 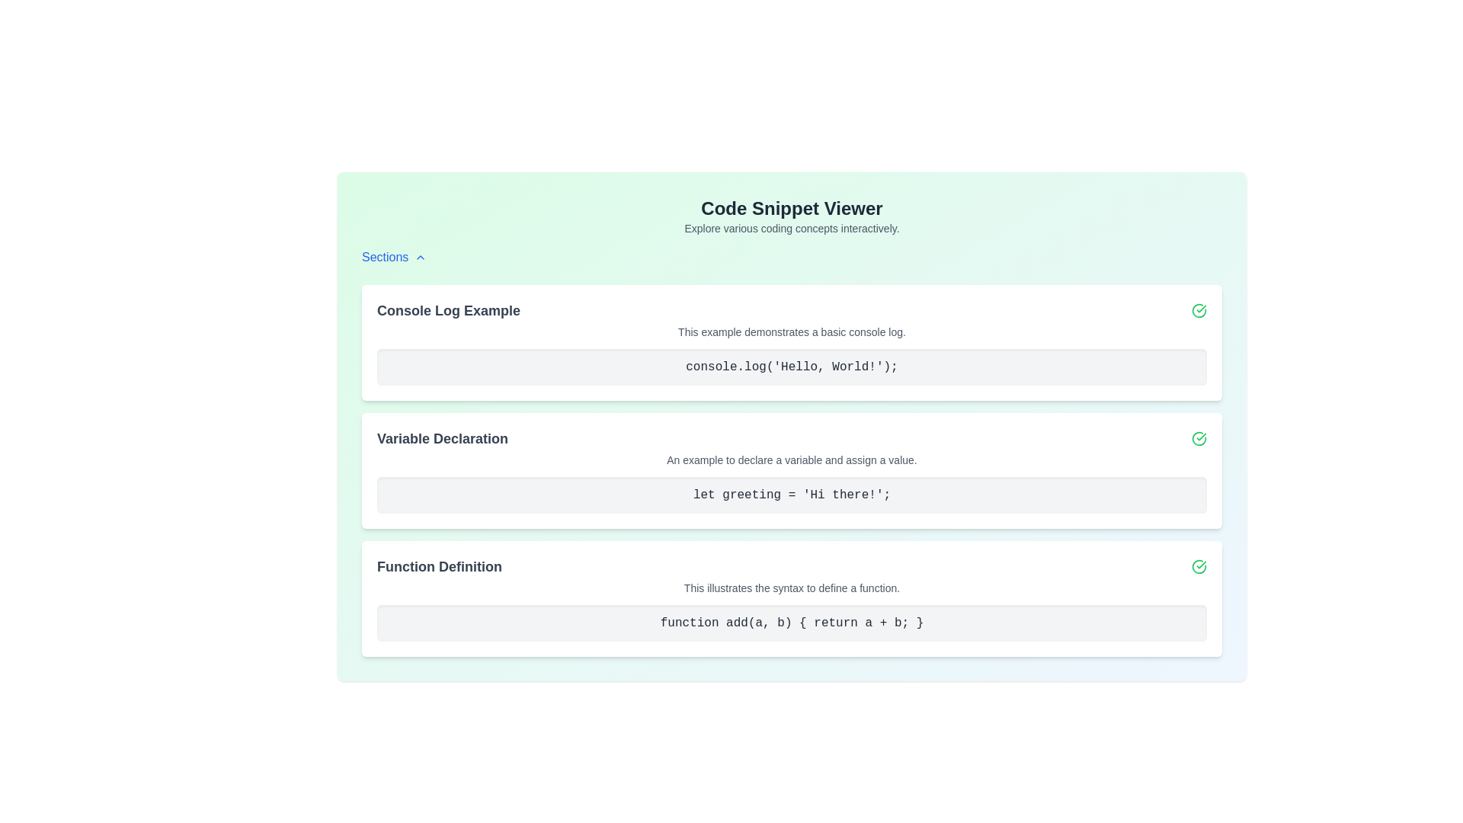 What do you see at coordinates (792, 367) in the screenshot?
I see `the code snippet element displaying the text `console.log('Hello, World!');`, which is located within the 'Console Log Example' block` at bounding box center [792, 367].